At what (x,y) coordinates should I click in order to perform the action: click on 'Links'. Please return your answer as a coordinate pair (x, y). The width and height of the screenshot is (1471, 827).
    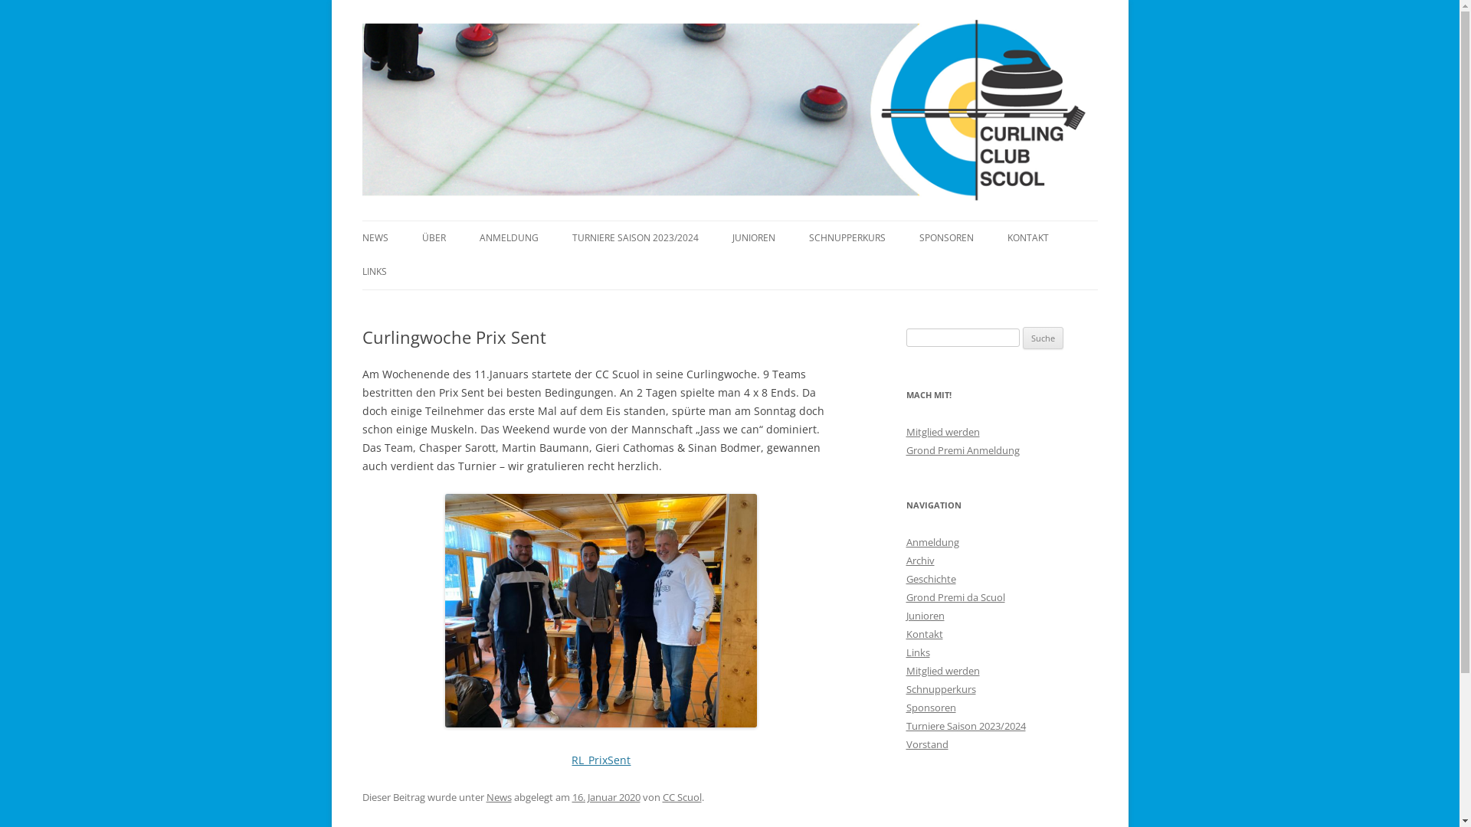
    Looking at the image, I should click on (917, 652).